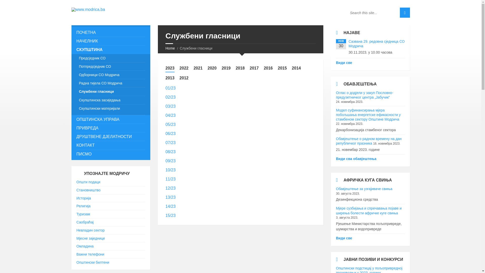 Image resolution: width=485 pixels, height=273 pixels. What do you see at coordinates (171, 170) in the screenshot?
I see `'10/23'` at bounding box center [171, 170].